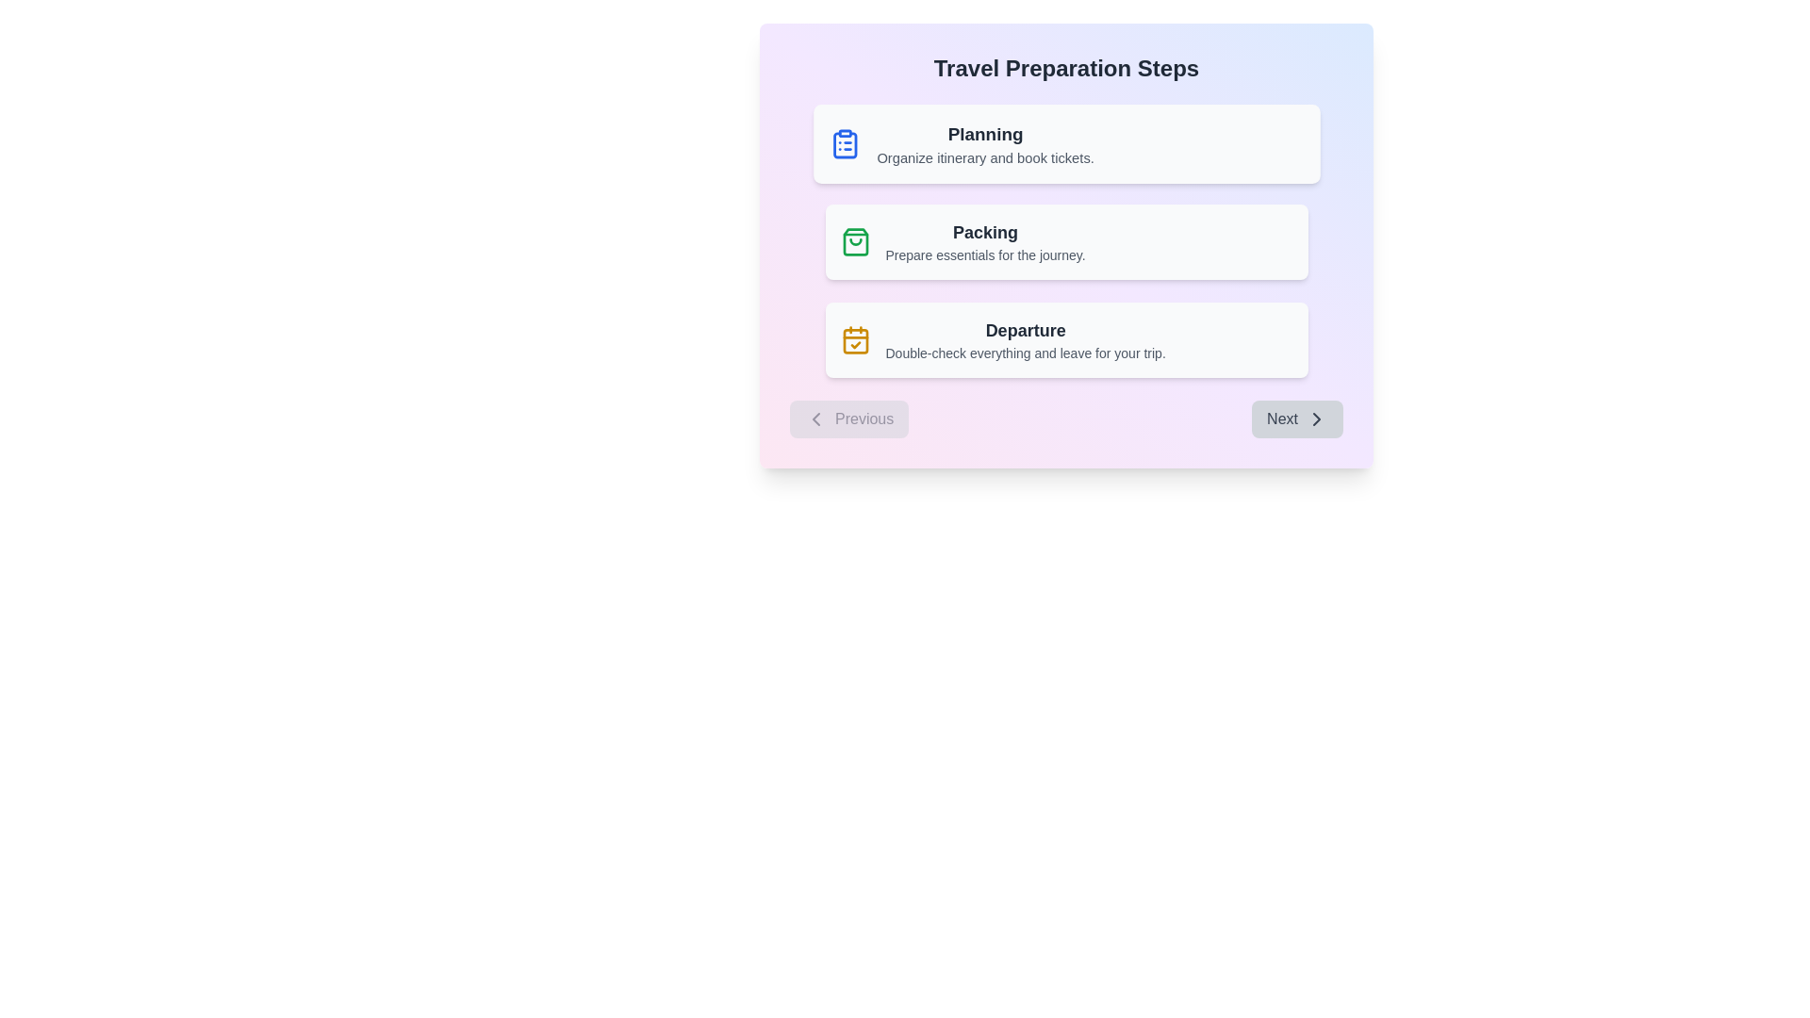 Image resolution: width=1810 pixels, height=1018 pixels. What do you see at coordinates (1025, 353) in the screenshot?
I see `the static text label providing details for the 'Departure' phase in the travel preparation checklist, located beneath the 'Departure' title in the third section of the interface` at bounding box center [1025, 353].